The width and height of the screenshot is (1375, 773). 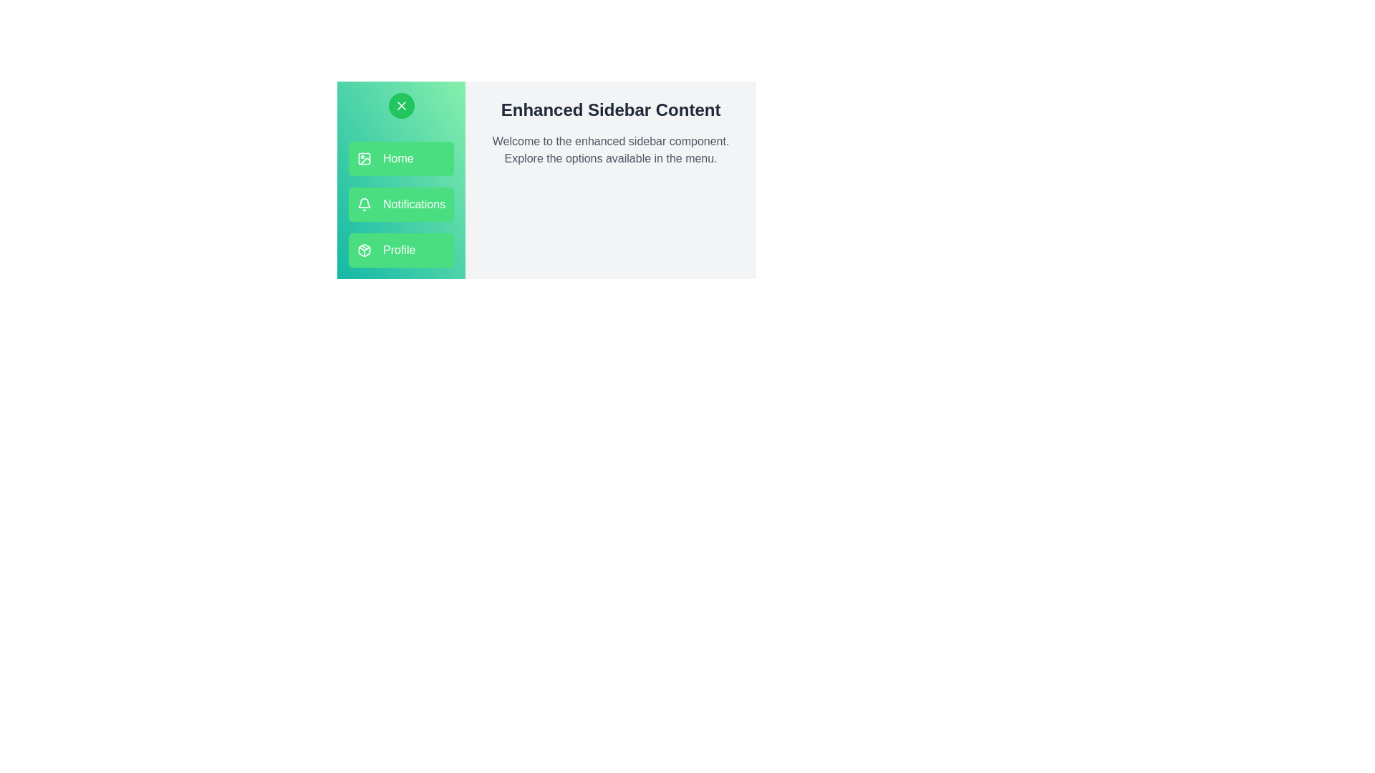 I want to click on the menu option Home to see its hover effect, so click(x=401, y=159).